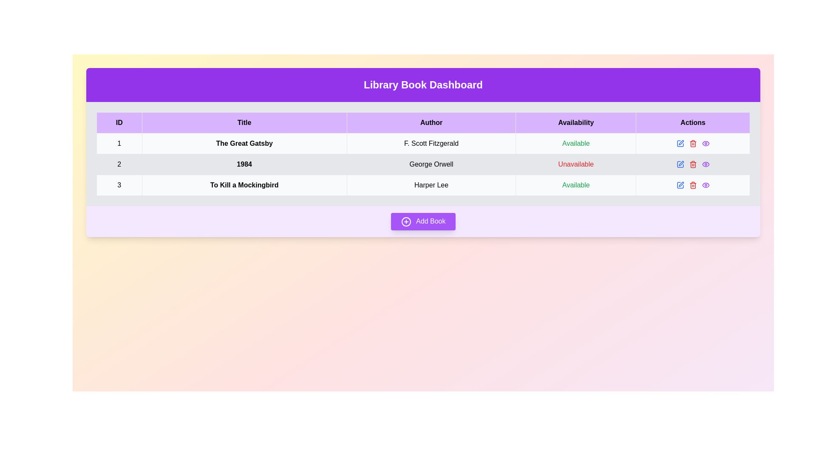 This screenshot has width=816, height=459. I want to click on the 'Title' column header label, which is located in the second column of the table header, positioned between the 'ID' and 'Author' columns at the top-center of the interface, so click(244, 123).